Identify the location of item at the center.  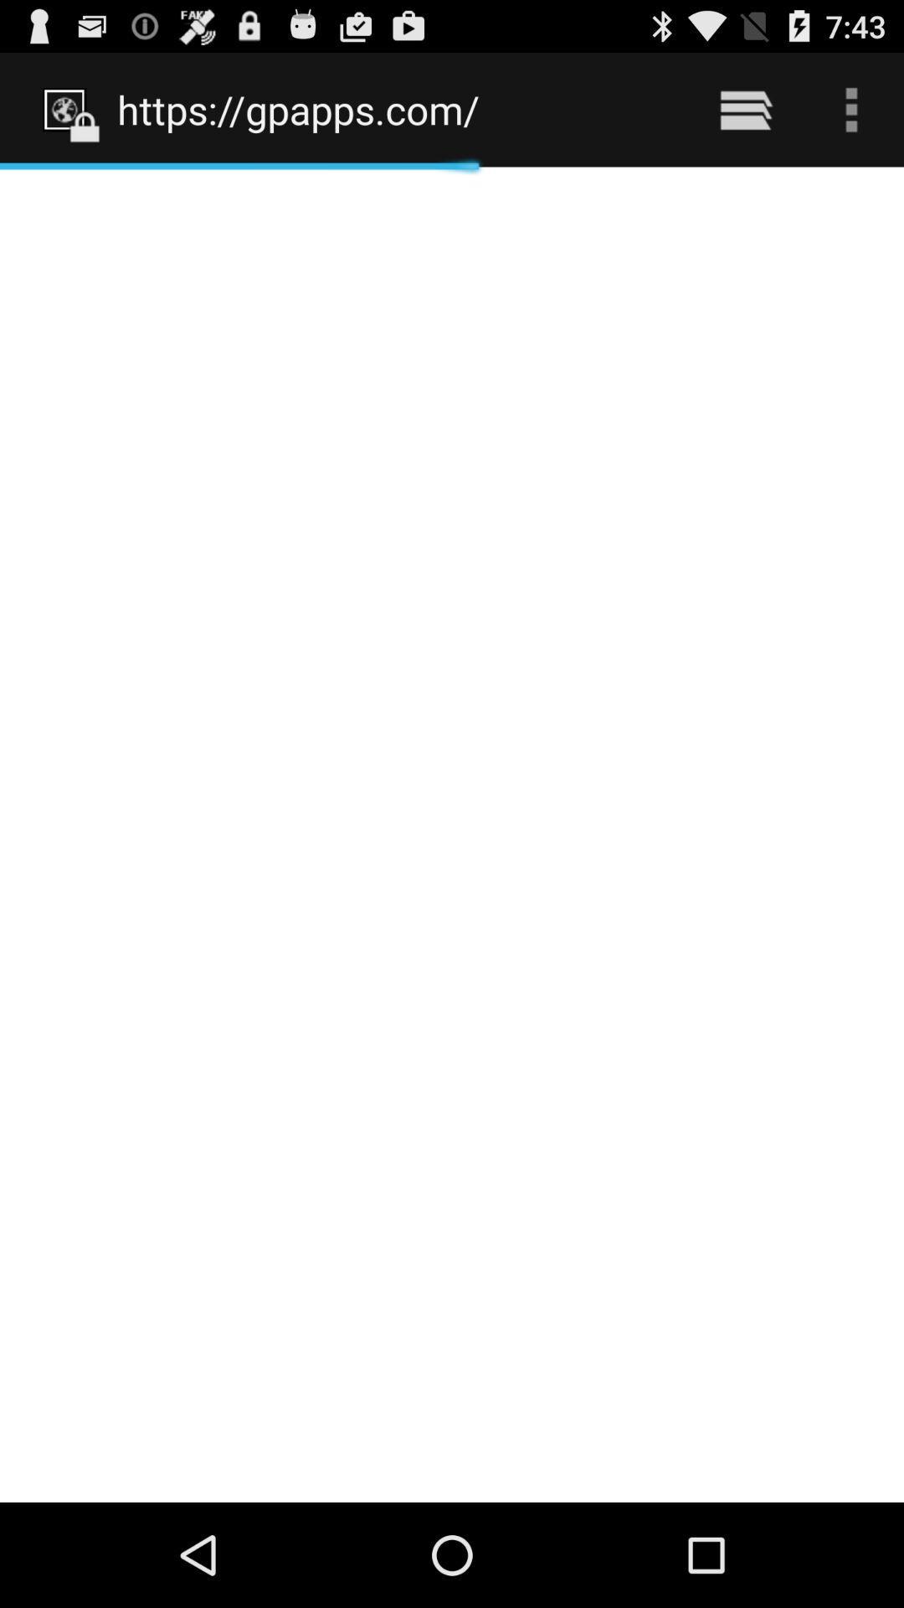
(452, 834).